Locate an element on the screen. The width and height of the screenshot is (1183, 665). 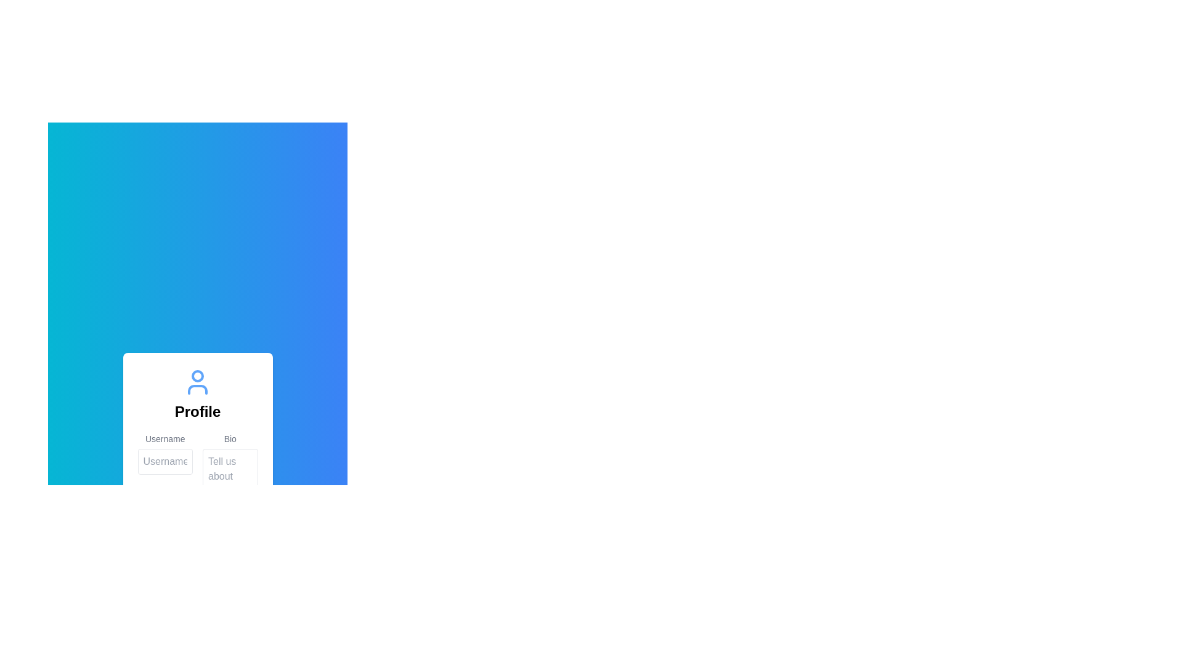
the Text Input Field for username entry in the 'Profile' section is located at coordinates (165, 470).